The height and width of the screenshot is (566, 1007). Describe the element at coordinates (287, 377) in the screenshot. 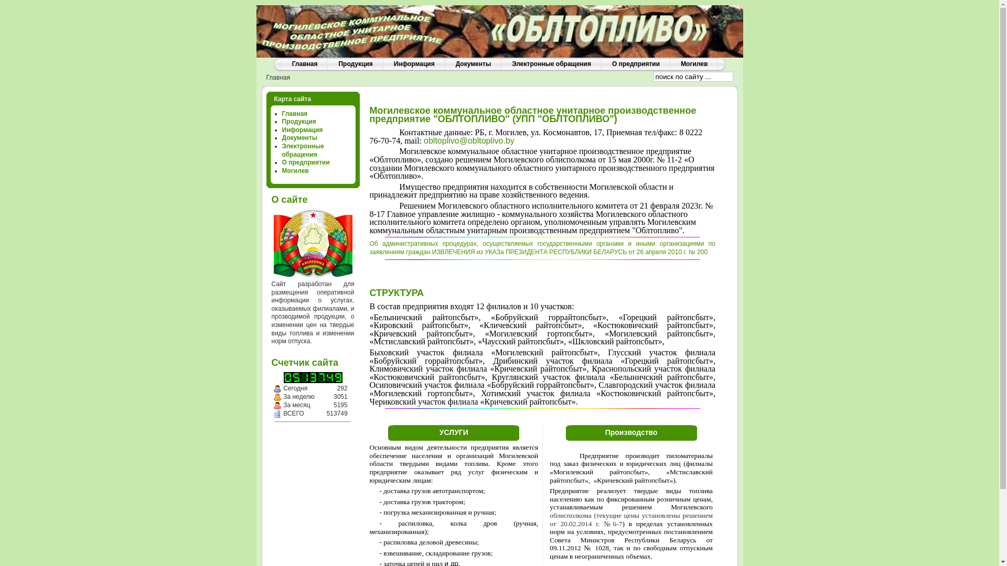

I see `'Vinaora Visitors Counter'` at that location.